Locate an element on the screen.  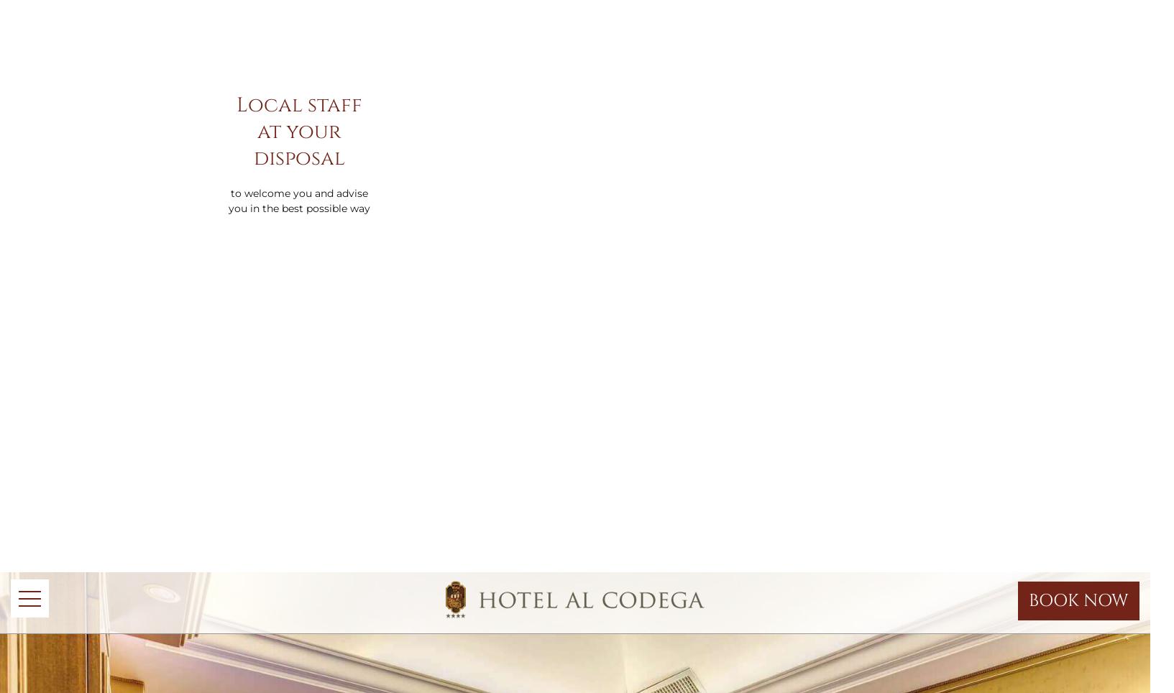
'Hotel Marketing by Nozio Business' is located at coordinates (490, 109).